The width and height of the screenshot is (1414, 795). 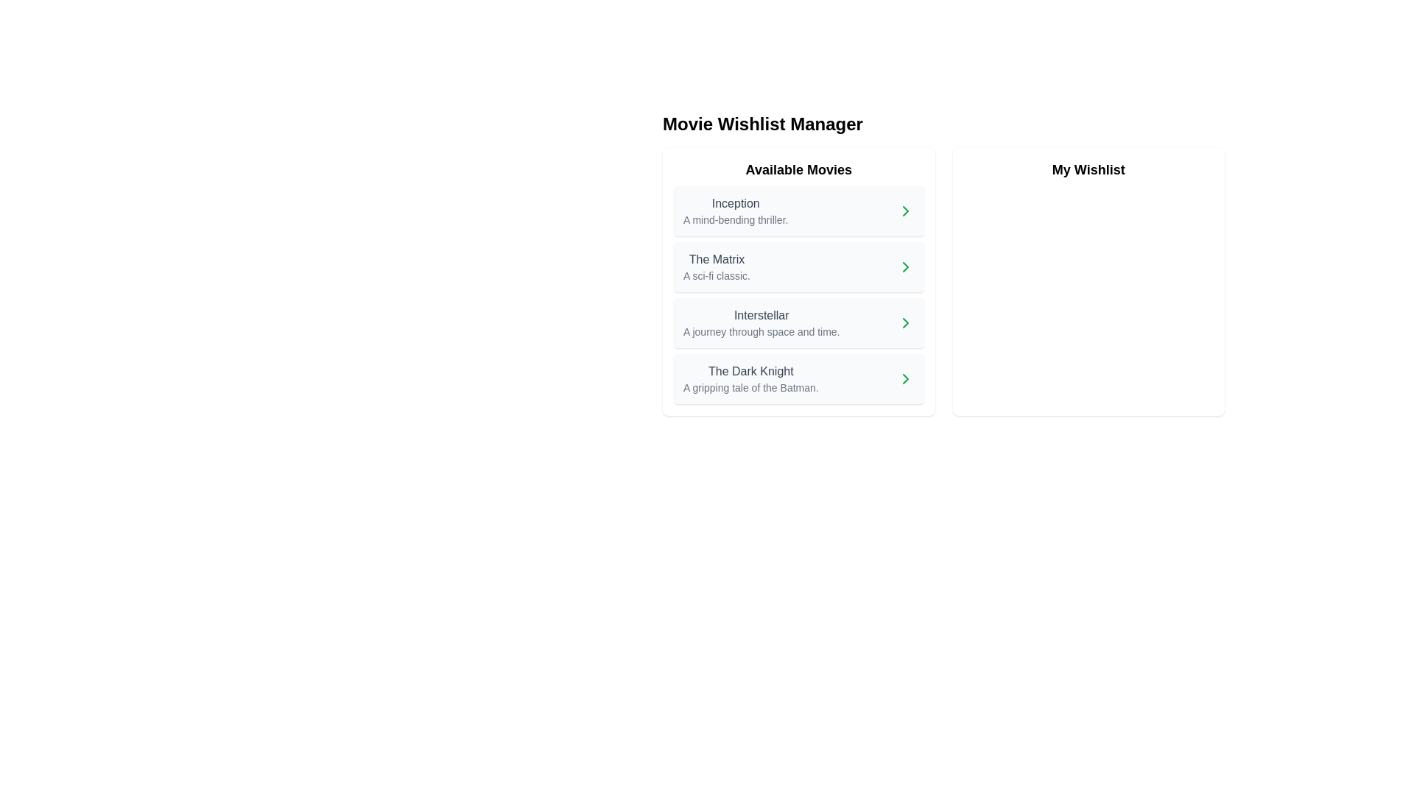 I want to click on text label for the movie 'Interstellar', which includes its title and subtitle, located in the third item under 'Available Movies', so click(x=761, y=322).